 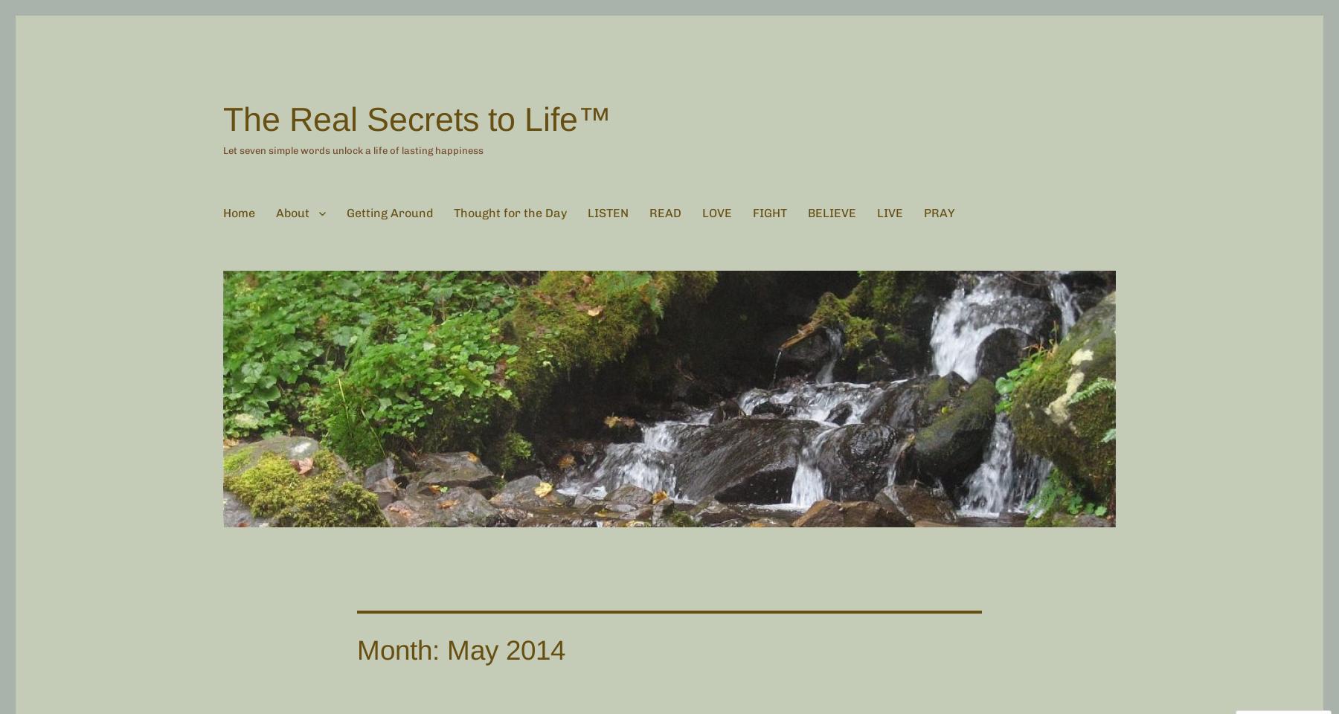 I want to click on 'READ', so click(x=665, y=212).